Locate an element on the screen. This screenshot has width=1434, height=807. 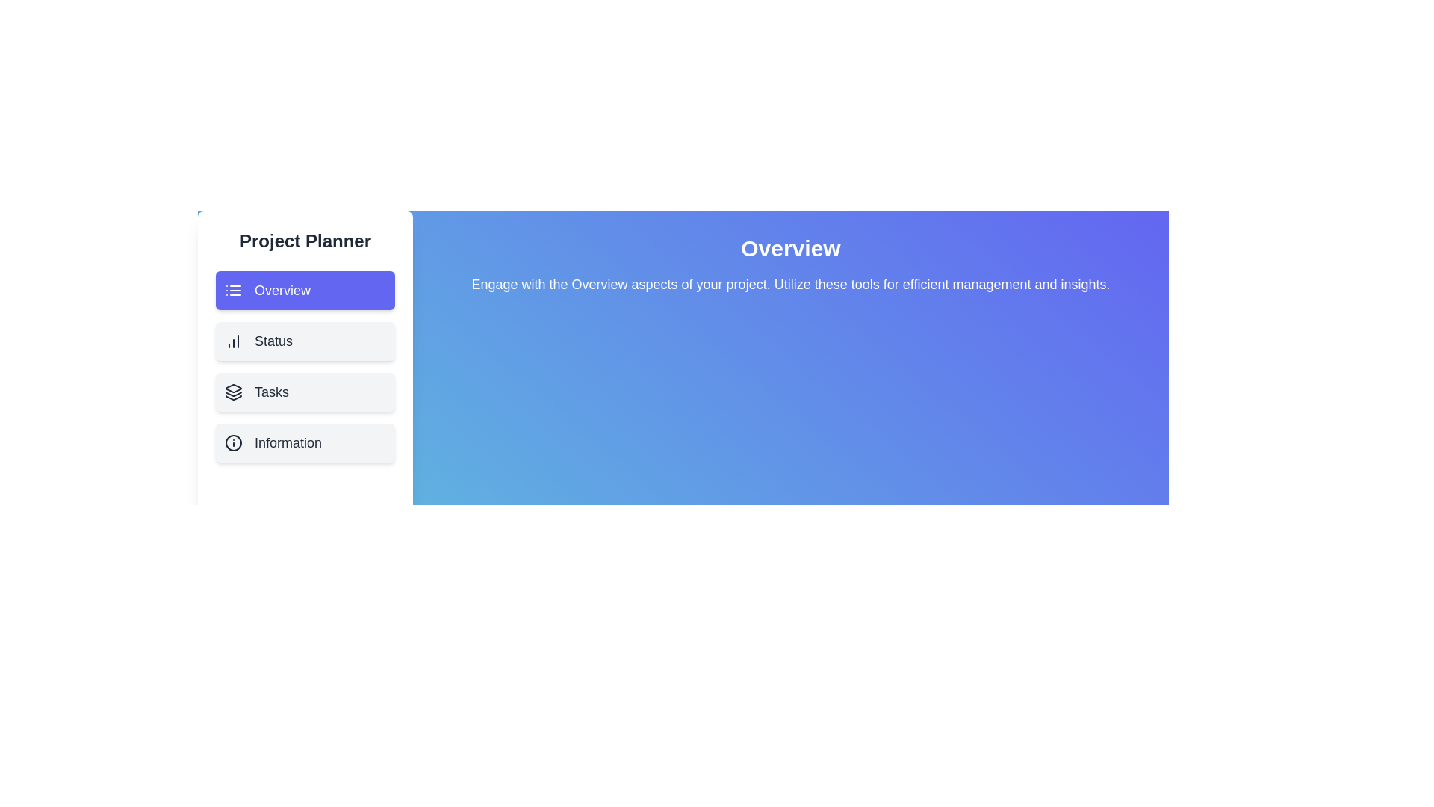
the menu item Status to observe its hover effect is located at coordinates (304, 341).